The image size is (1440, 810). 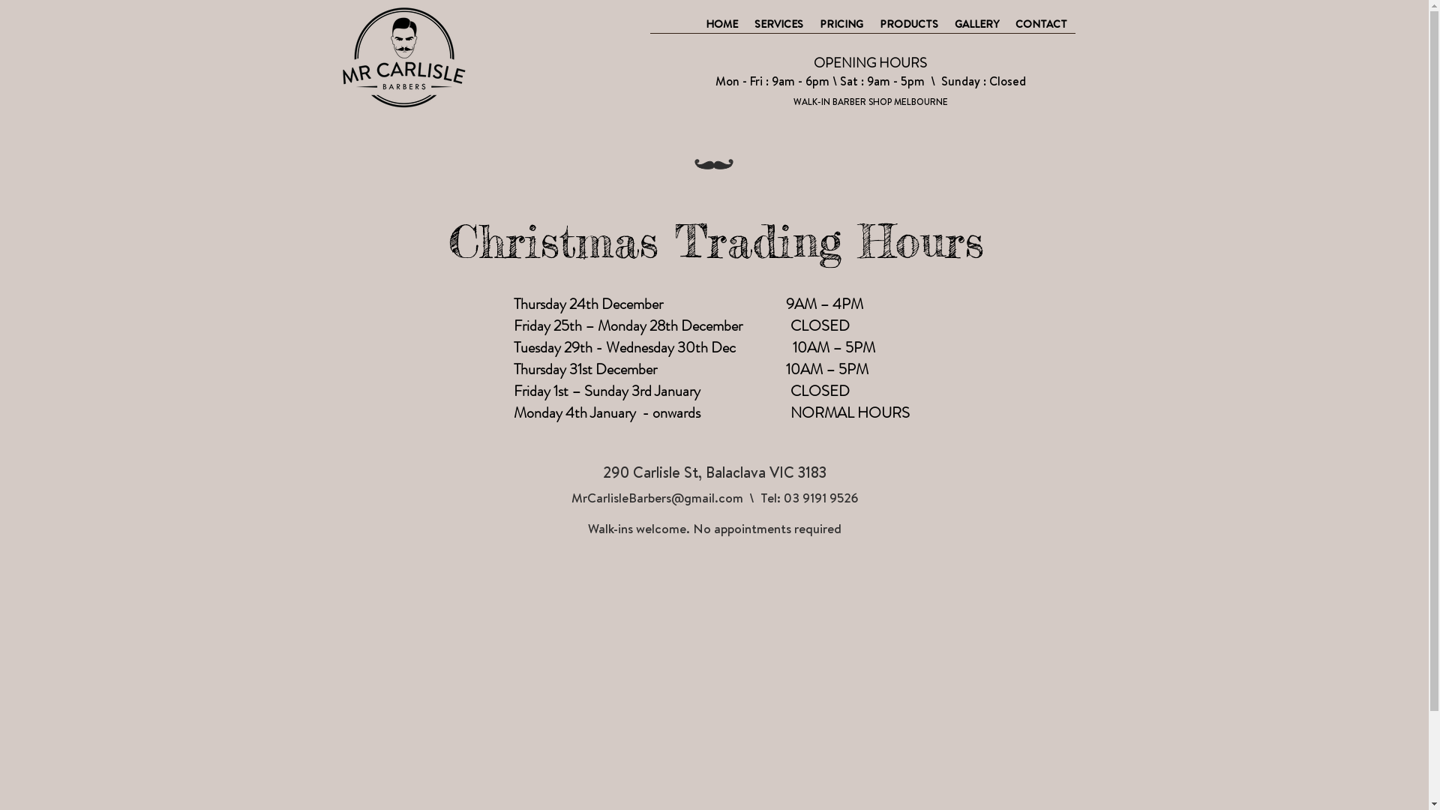 What do you see at coordinates (1039, 28) in the screenshot?
I see `'CONTACT'` at bounding box center [1039, 28].